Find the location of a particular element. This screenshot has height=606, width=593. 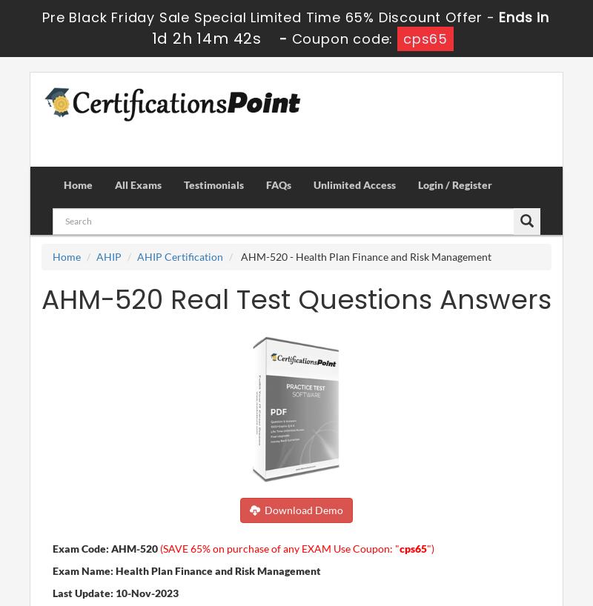

'AHIP Certification' is located at coordinates (179, 256).